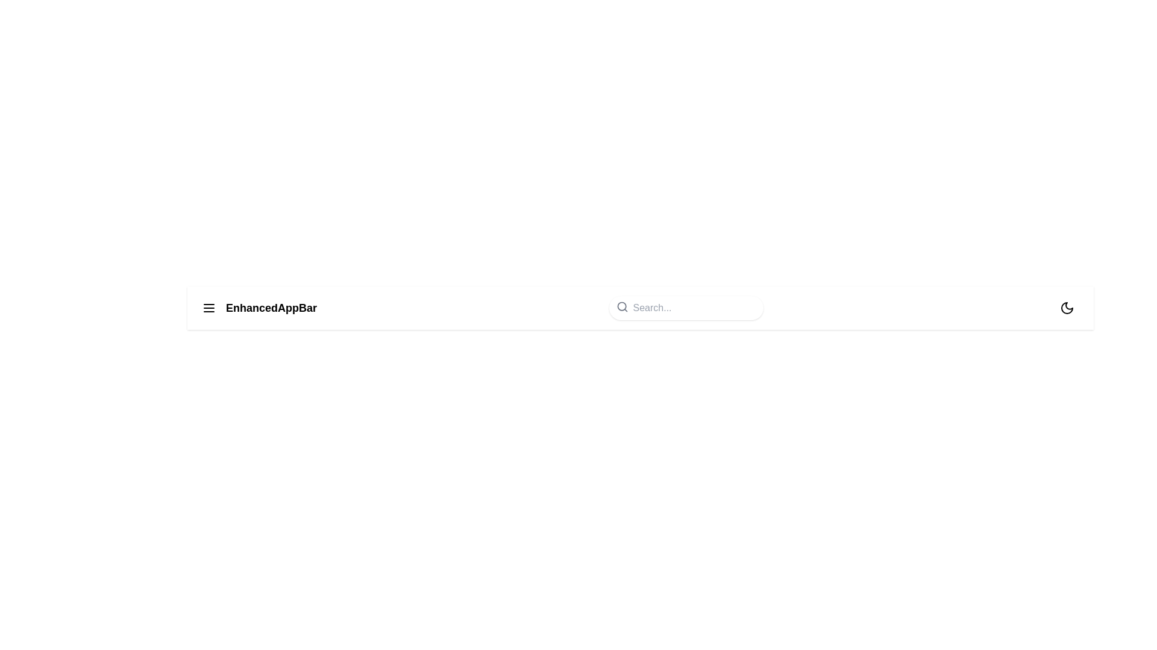  Describe the element at coordinates (1067, 308) in the screenshot. I see `the moon icon to toggle between dark mode and light mode` at that location.